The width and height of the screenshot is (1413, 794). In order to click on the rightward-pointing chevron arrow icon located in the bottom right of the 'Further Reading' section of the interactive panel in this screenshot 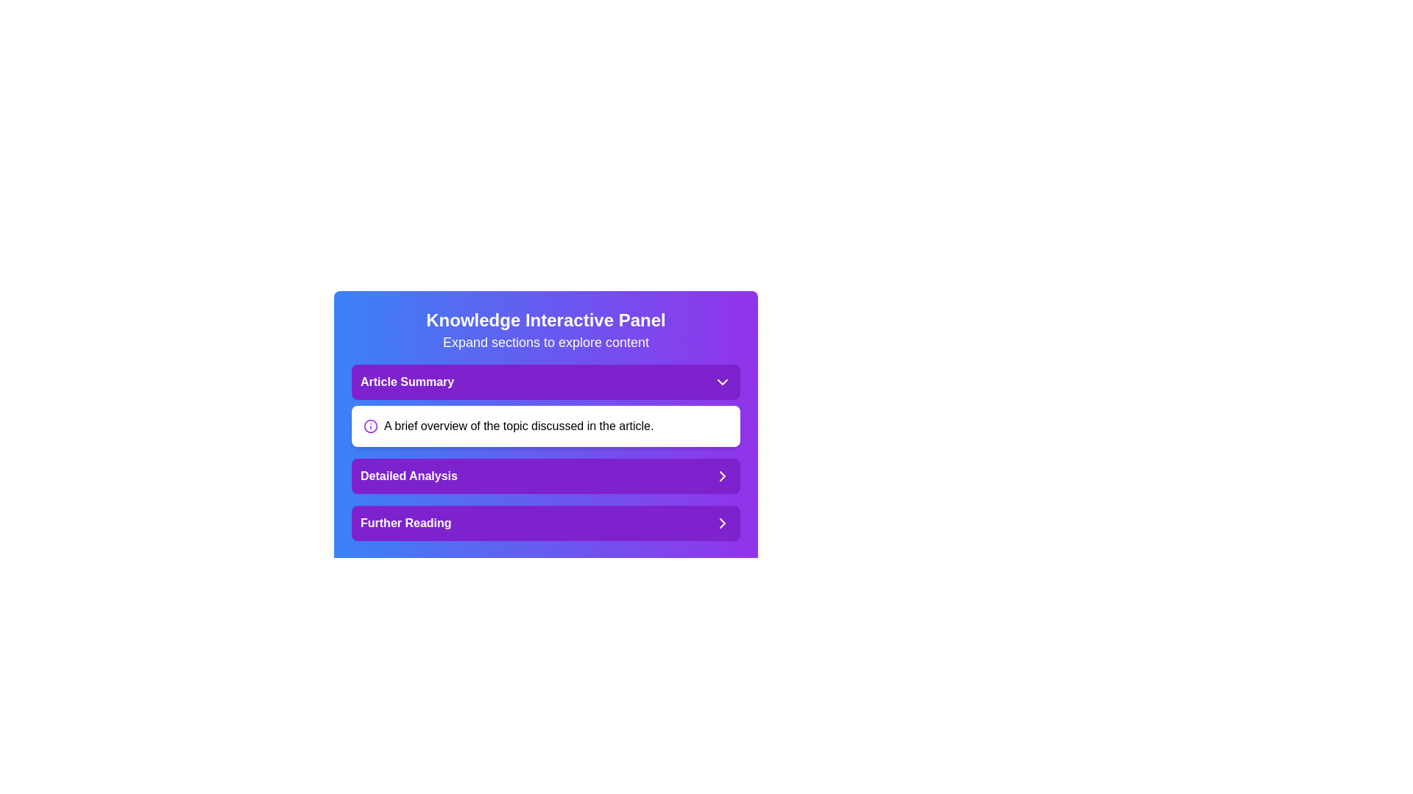, I will do `click(723, 523)`.